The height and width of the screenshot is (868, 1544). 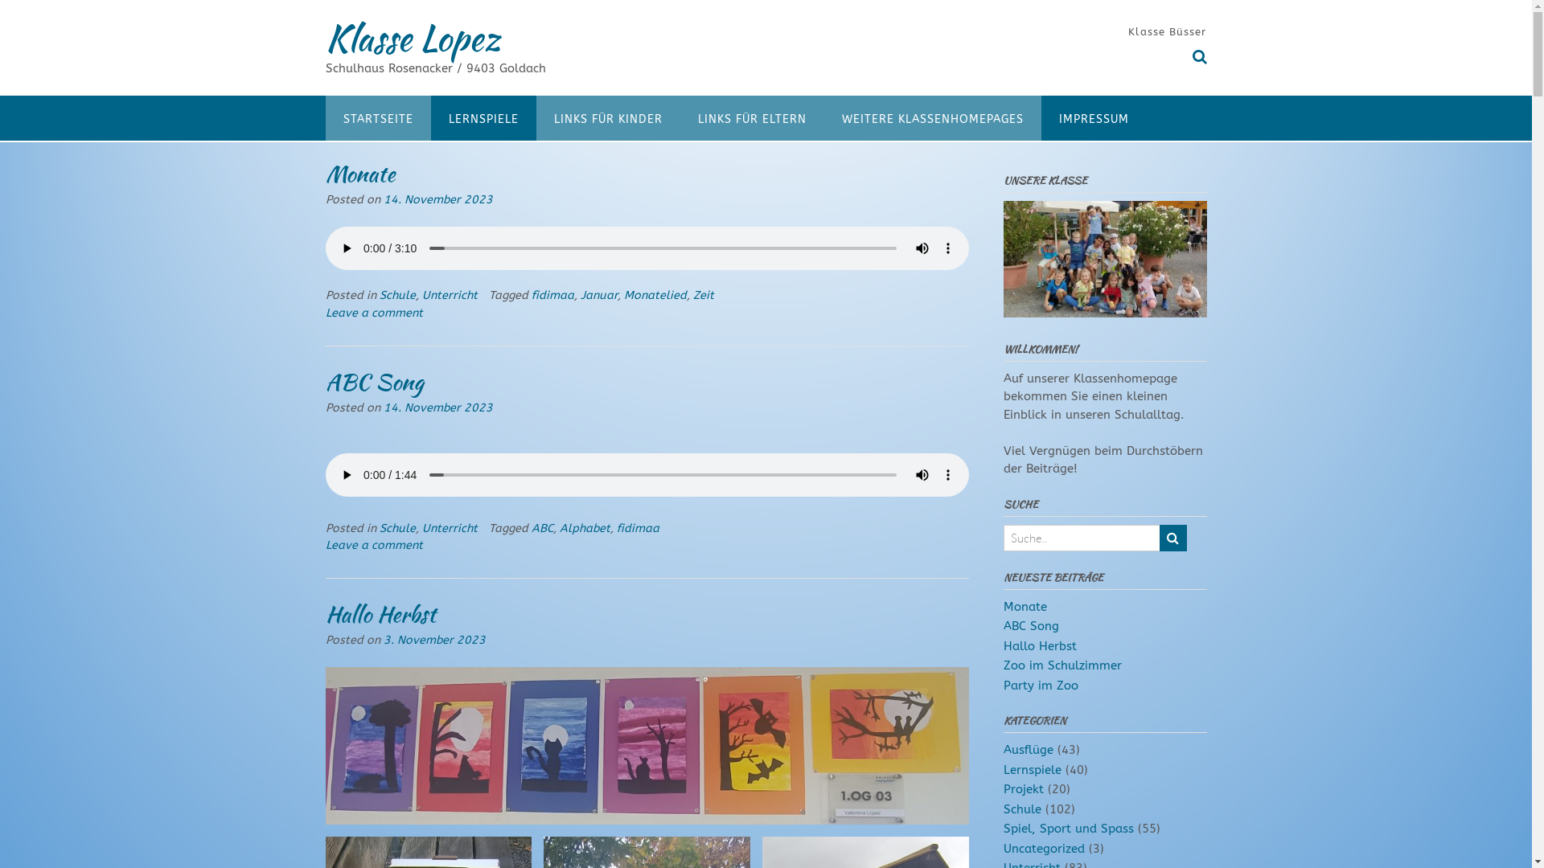 What do you see at coordinates (437, 407) in the screenshot?
I see `'14. November 2023'` at bounding box center [437, 407].